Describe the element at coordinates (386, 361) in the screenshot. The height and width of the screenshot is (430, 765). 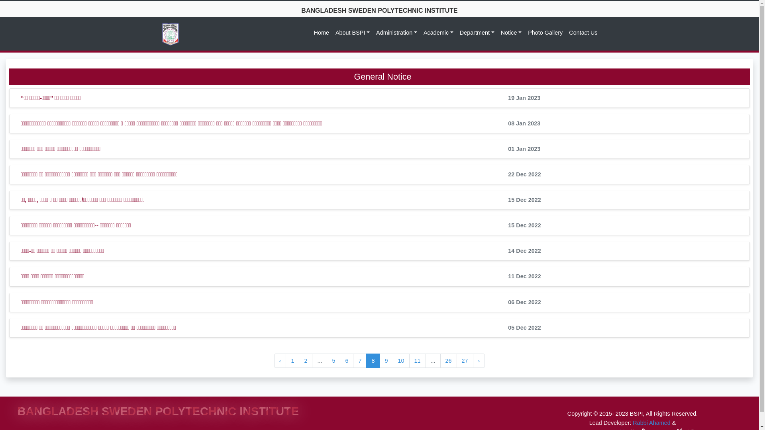
I see `'9'` at that location.